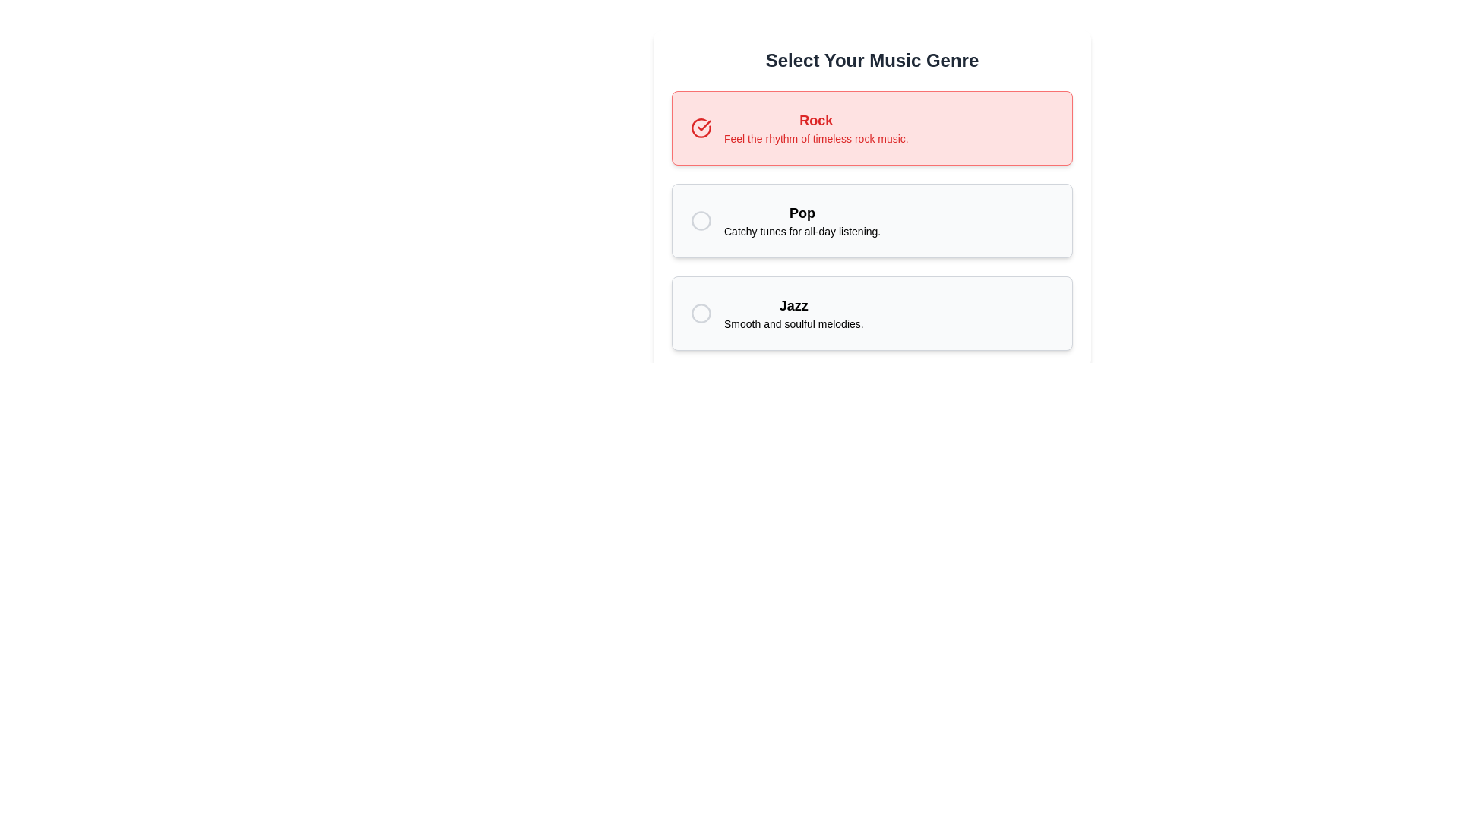 Image resolution: width=1459 pixels, height=820 pixels. I want to click on the bold black text label 'Pop', so click(802, 213).